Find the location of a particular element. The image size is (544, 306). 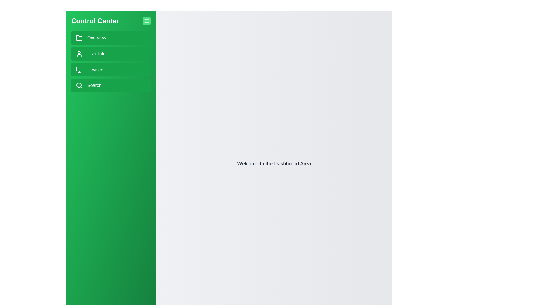

the 'Devices' button in the sidebar is located at coordinates (111, 69).